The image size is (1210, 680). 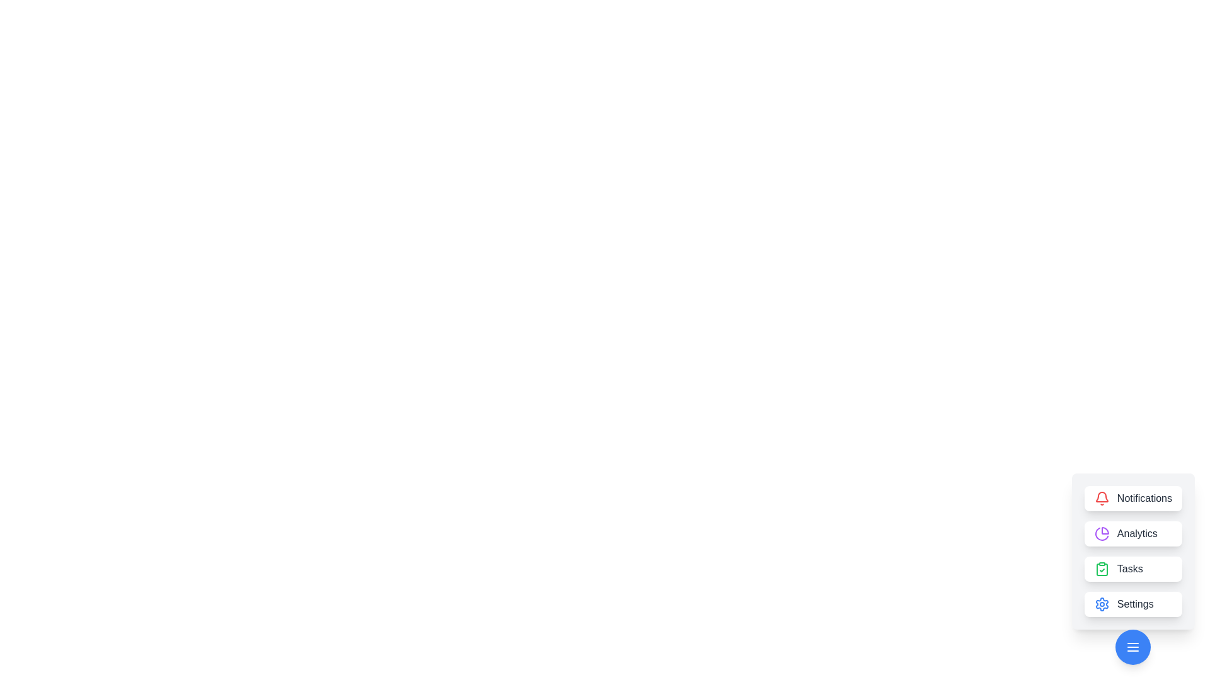 I want to click on the Settings button to access its functionality, so click(x=1133, y=604).